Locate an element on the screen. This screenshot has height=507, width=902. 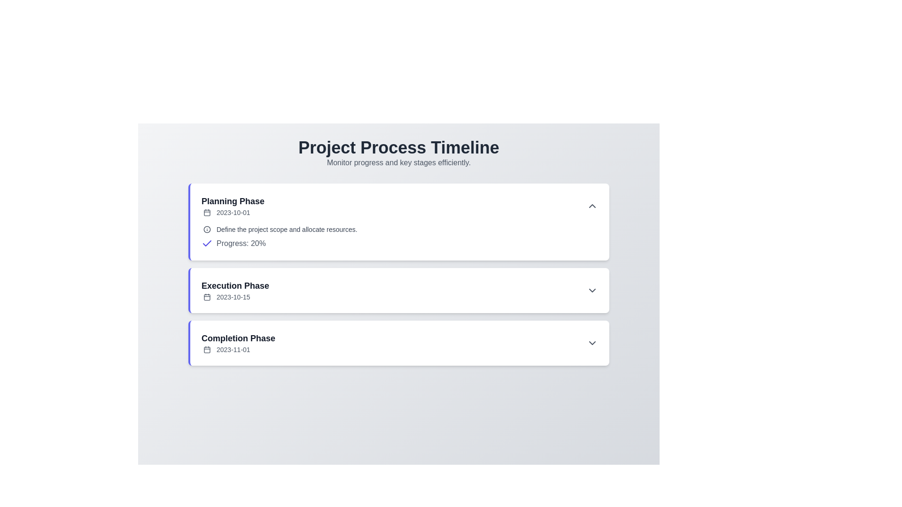
the descriptive subtitle located beneath the heading 'Project Process Timeline' is located at coordinates (399, 162).